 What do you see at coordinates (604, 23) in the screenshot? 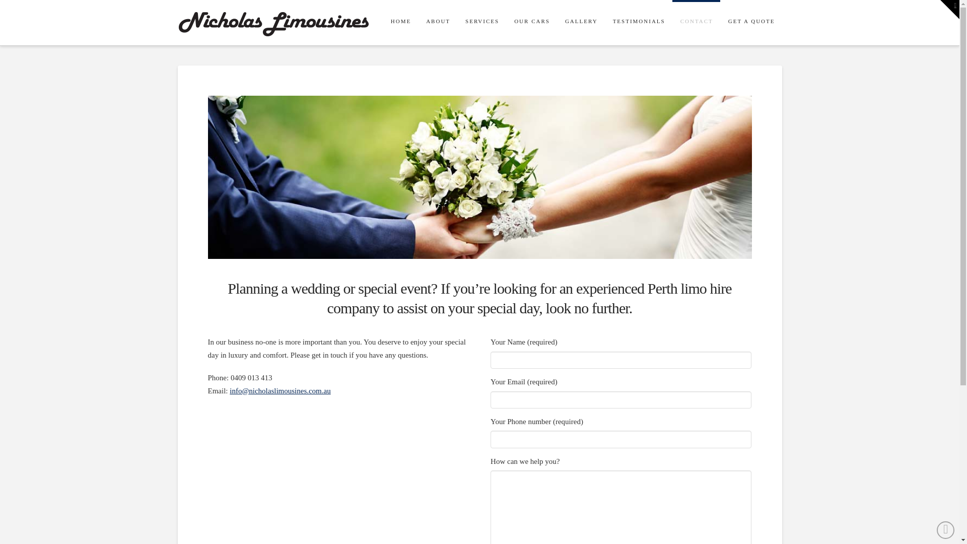
I see `'TESTIMONIALS'` at bounding box center [604, 23].